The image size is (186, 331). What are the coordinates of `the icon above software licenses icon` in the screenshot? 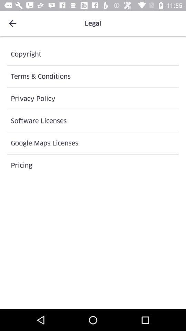 It's located at (93, 98).